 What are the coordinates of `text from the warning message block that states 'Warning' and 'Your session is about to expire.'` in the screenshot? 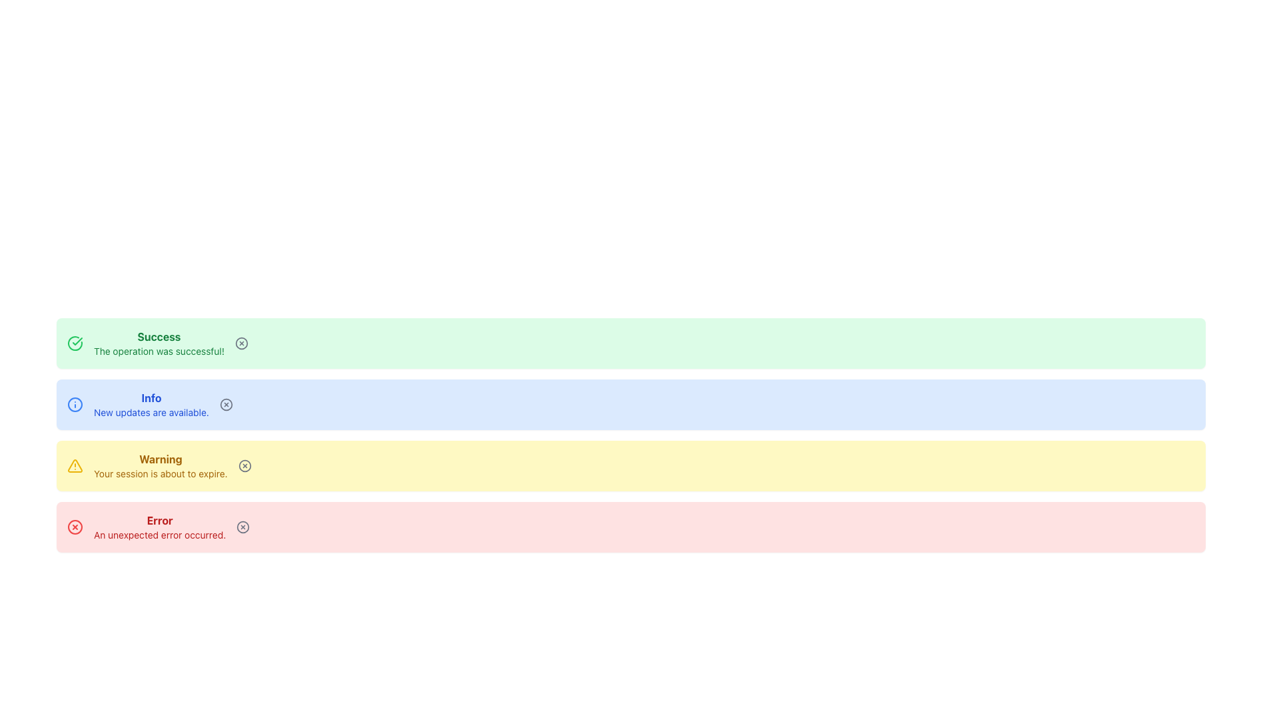 It's located at (160, 465).